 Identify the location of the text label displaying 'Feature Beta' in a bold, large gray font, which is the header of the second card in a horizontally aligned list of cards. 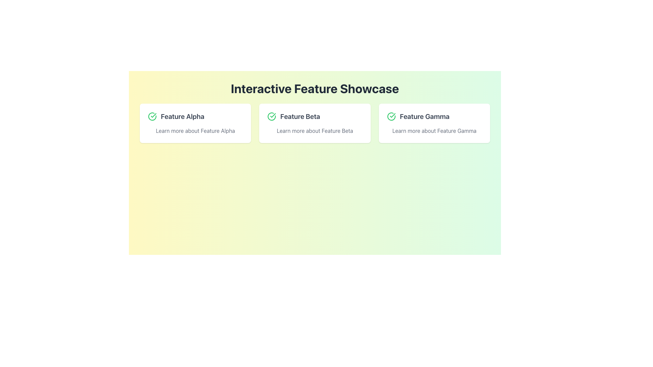
(300, 116).